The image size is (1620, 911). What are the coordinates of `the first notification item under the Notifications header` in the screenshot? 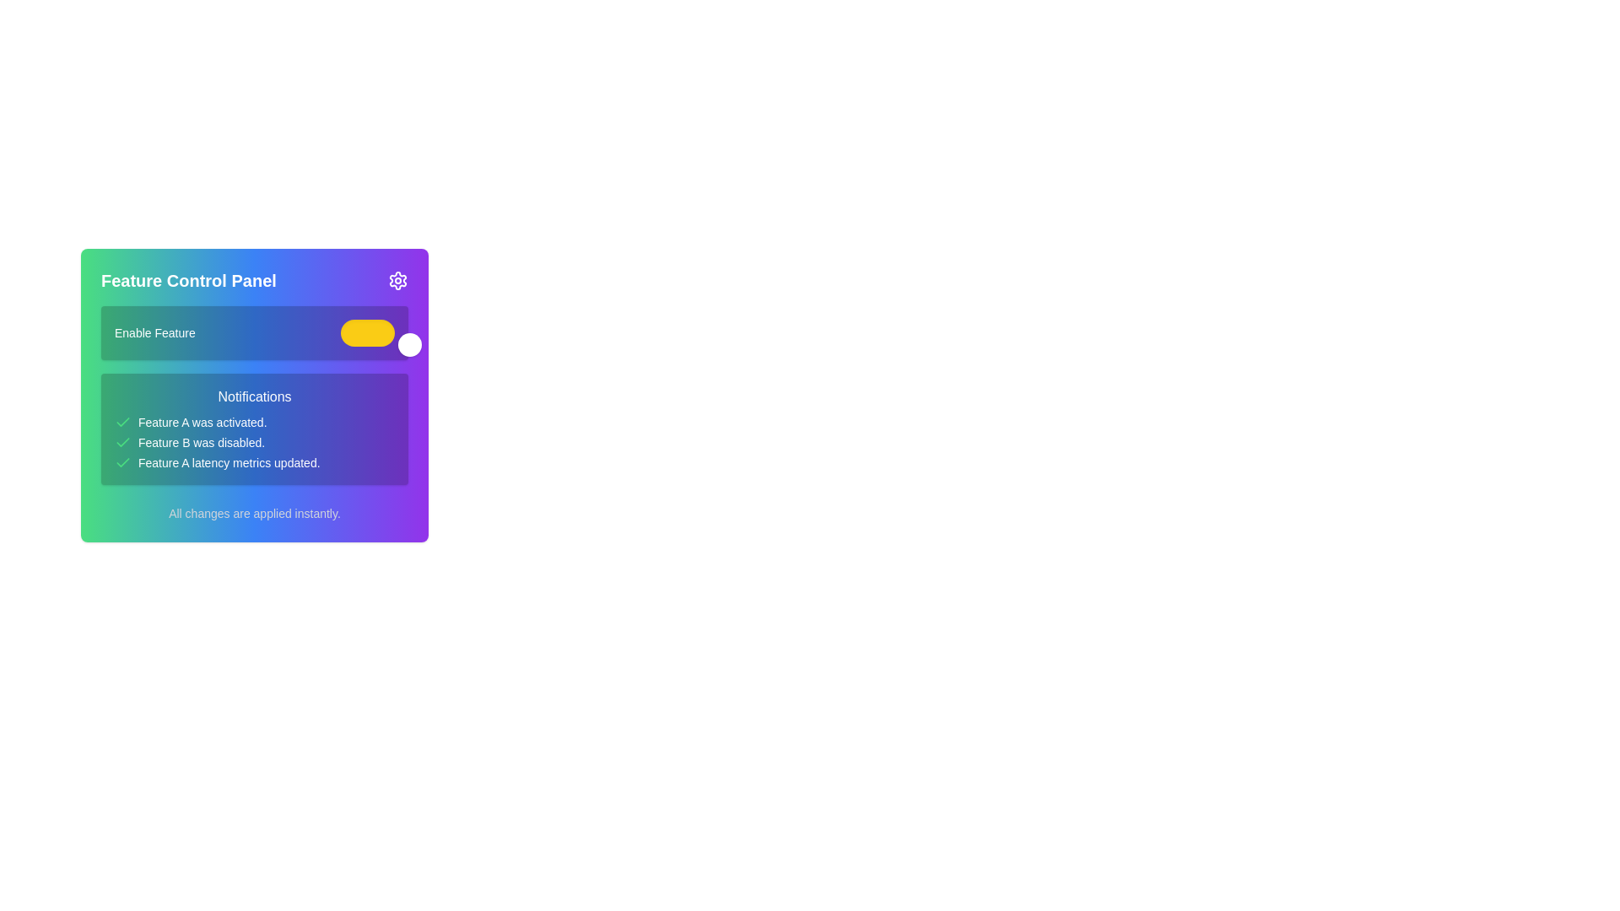 It's located at (254, 422).